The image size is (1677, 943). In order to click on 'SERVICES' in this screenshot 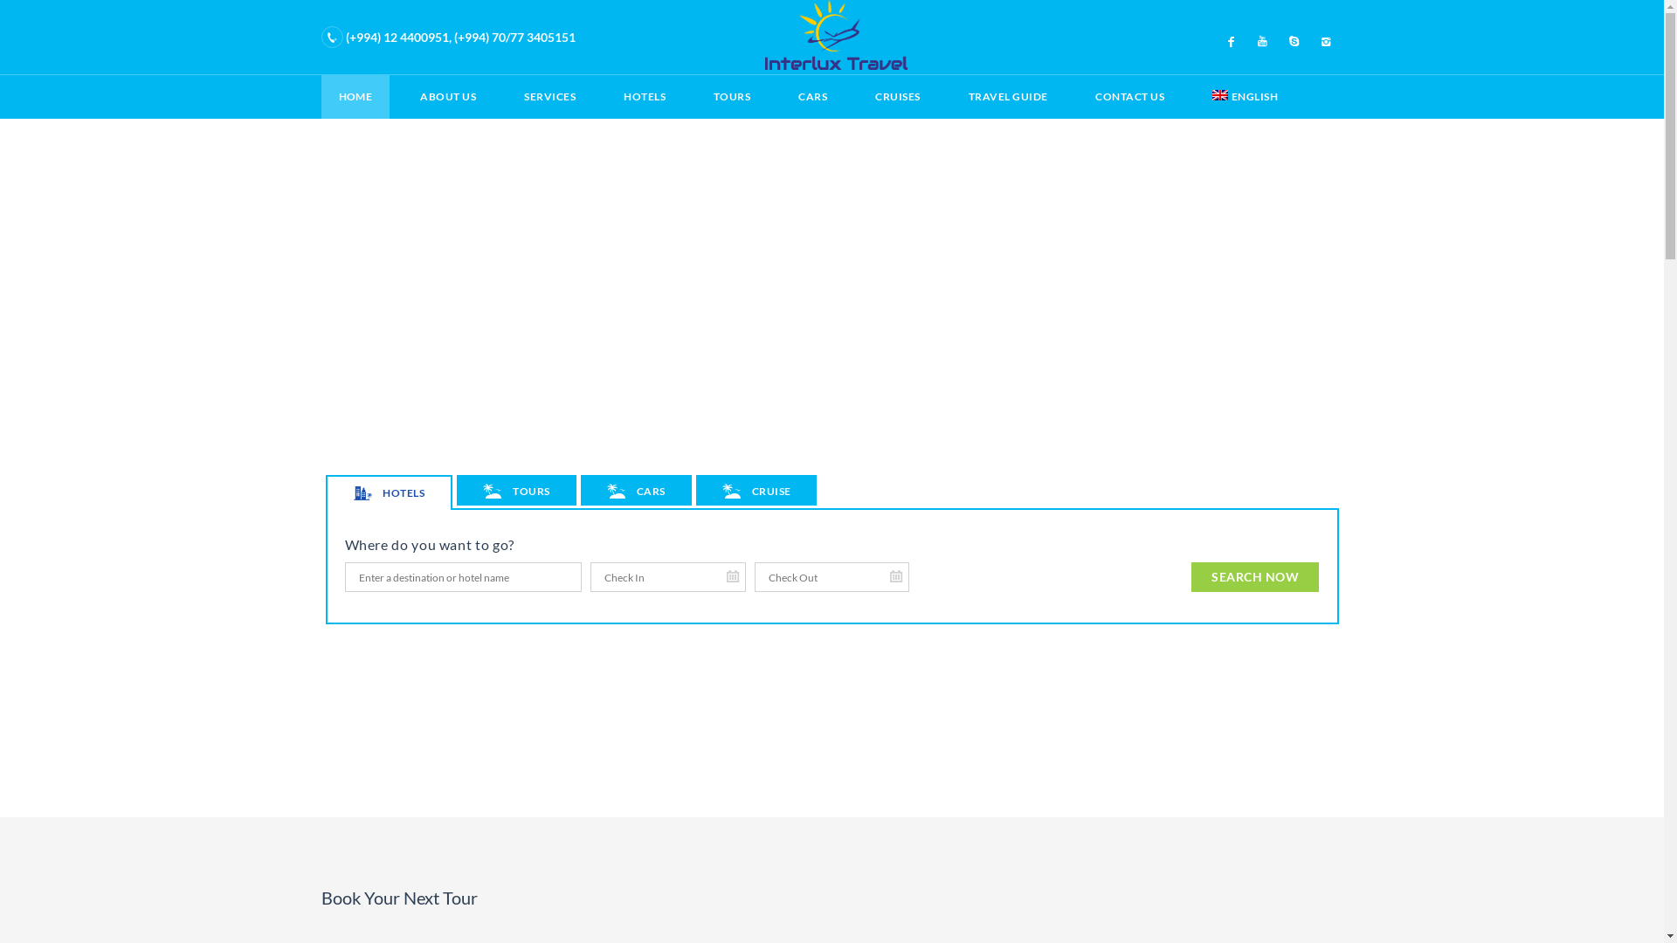, I will do `click(506, 97)`.